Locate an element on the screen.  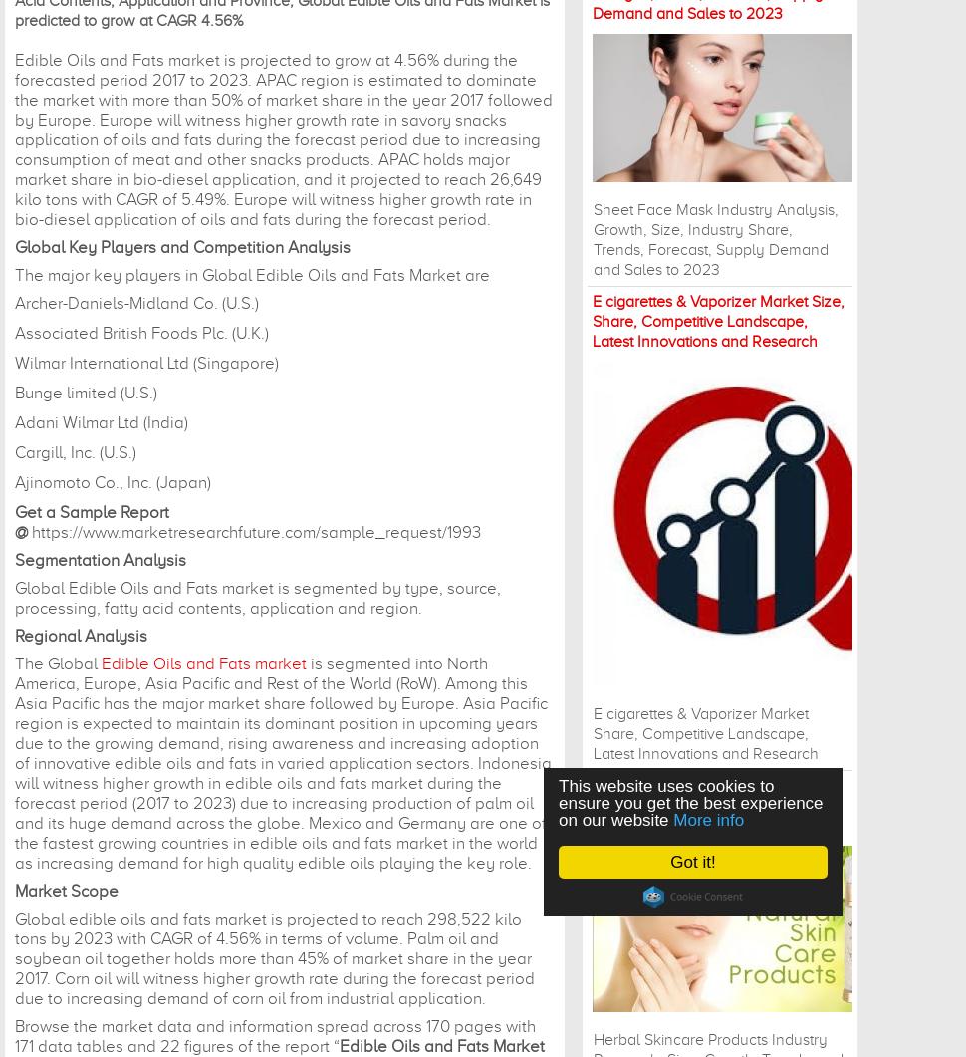
'Ajinomoto Co., Inc. (Japan)' is located at coordinates (15, 481).